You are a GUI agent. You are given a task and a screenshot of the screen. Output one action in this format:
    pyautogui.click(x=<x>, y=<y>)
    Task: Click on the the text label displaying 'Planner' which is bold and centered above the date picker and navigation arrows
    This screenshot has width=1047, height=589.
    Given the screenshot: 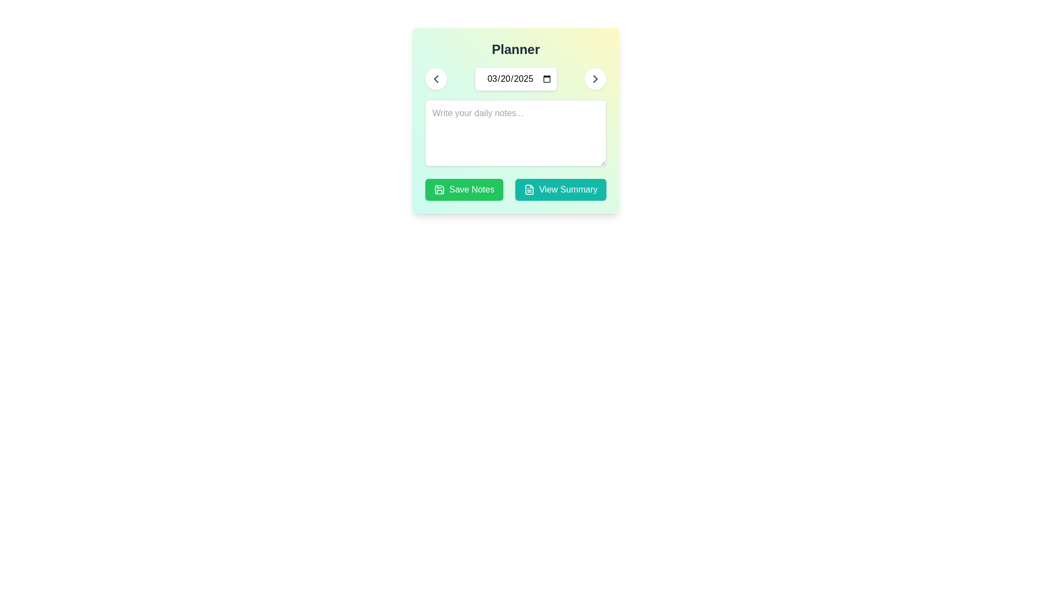 What is the action you would take?
    pyautogui.click(x=515, y=50)
    